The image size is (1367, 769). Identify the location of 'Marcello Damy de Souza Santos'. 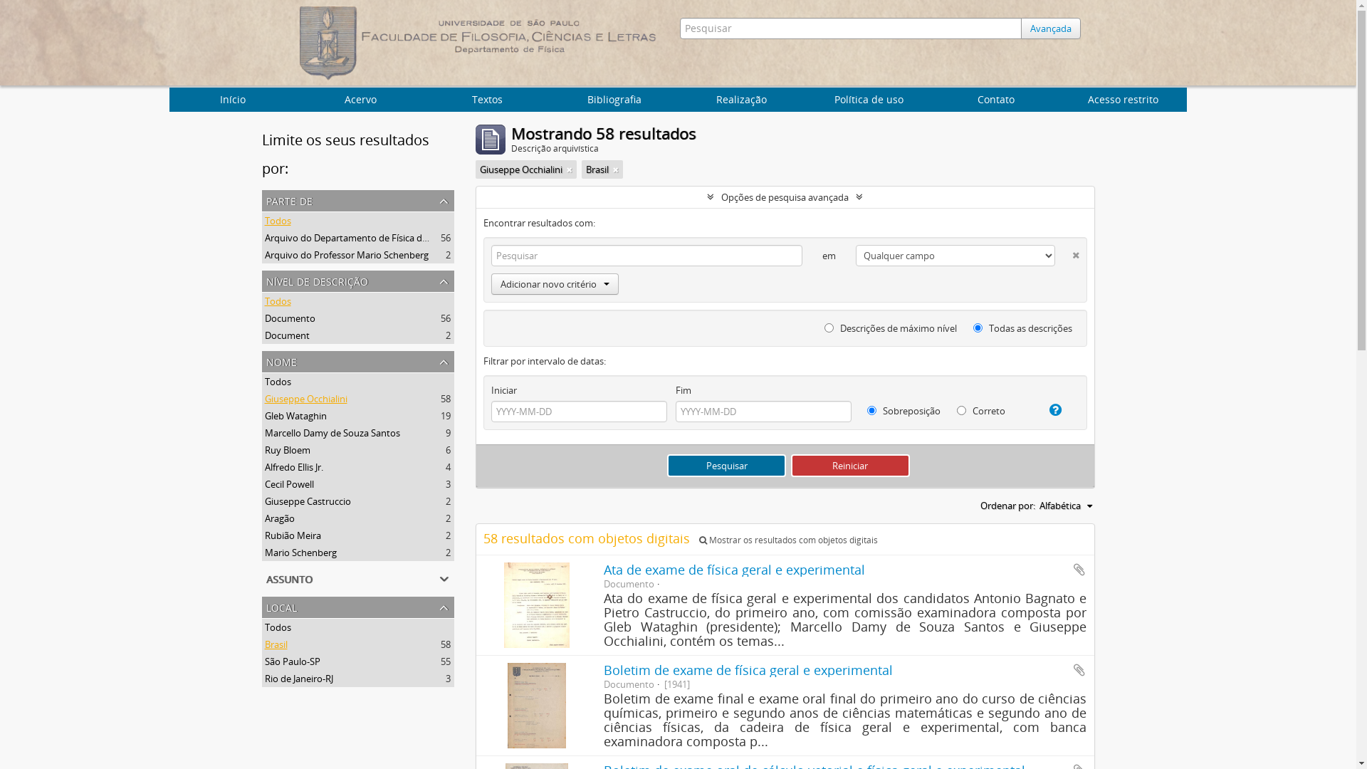
(331, 432).